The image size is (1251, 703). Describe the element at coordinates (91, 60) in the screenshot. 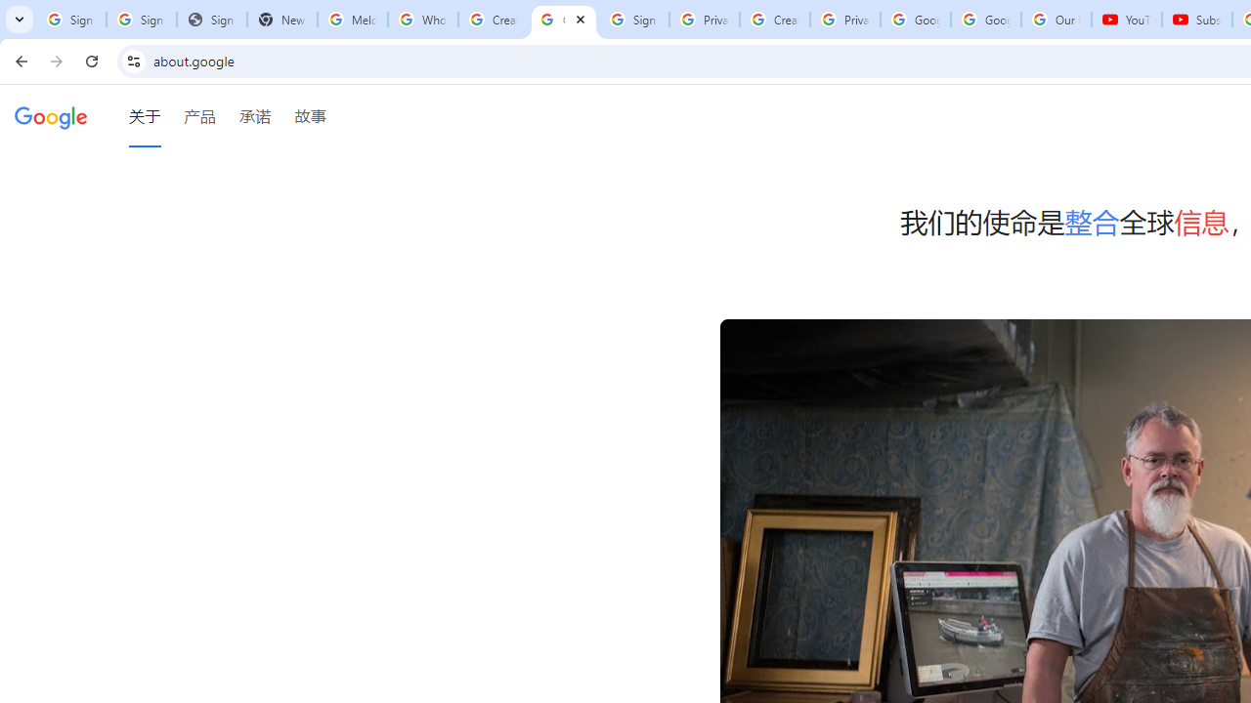

I see `'Reload'` at that location.